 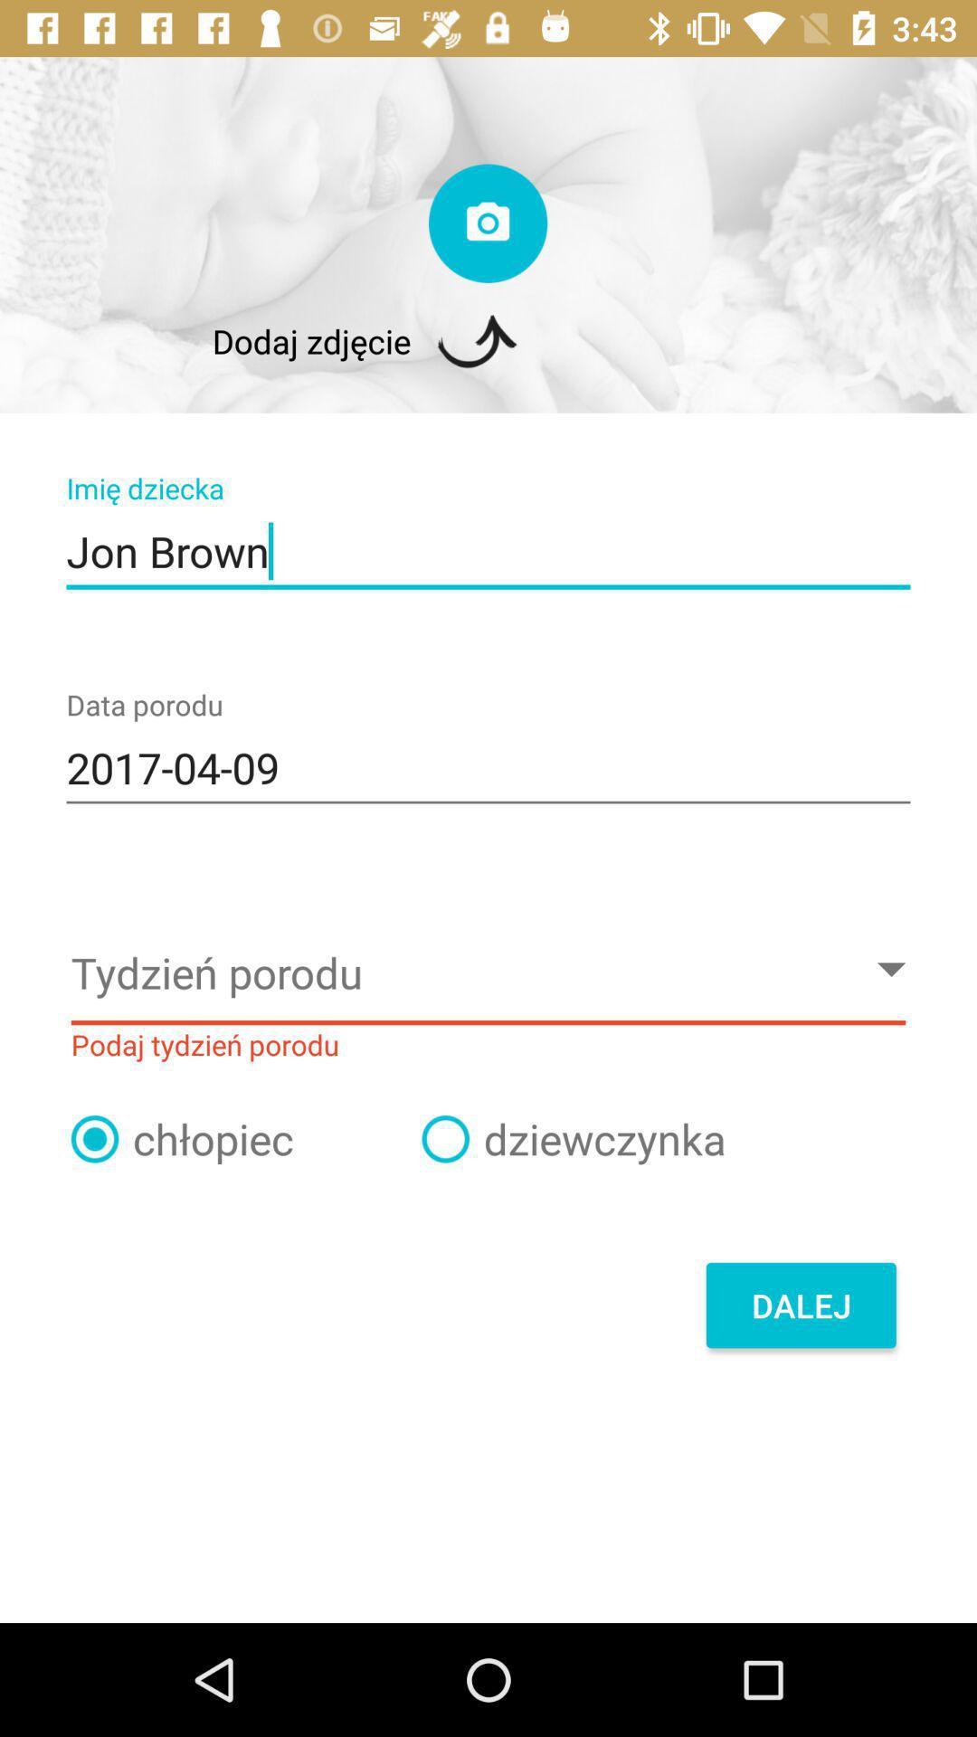 I want to click on to select your option, so click(x=94, y=1138).